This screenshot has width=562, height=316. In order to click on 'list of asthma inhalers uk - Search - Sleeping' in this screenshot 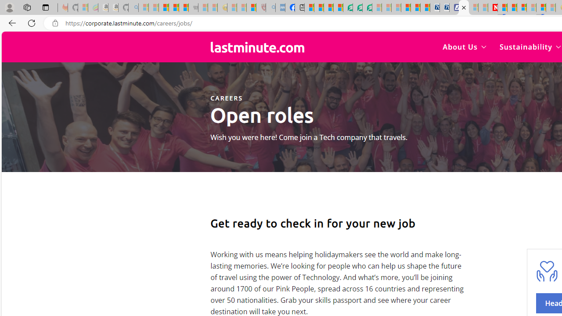, I will do `click(270, 7)`.